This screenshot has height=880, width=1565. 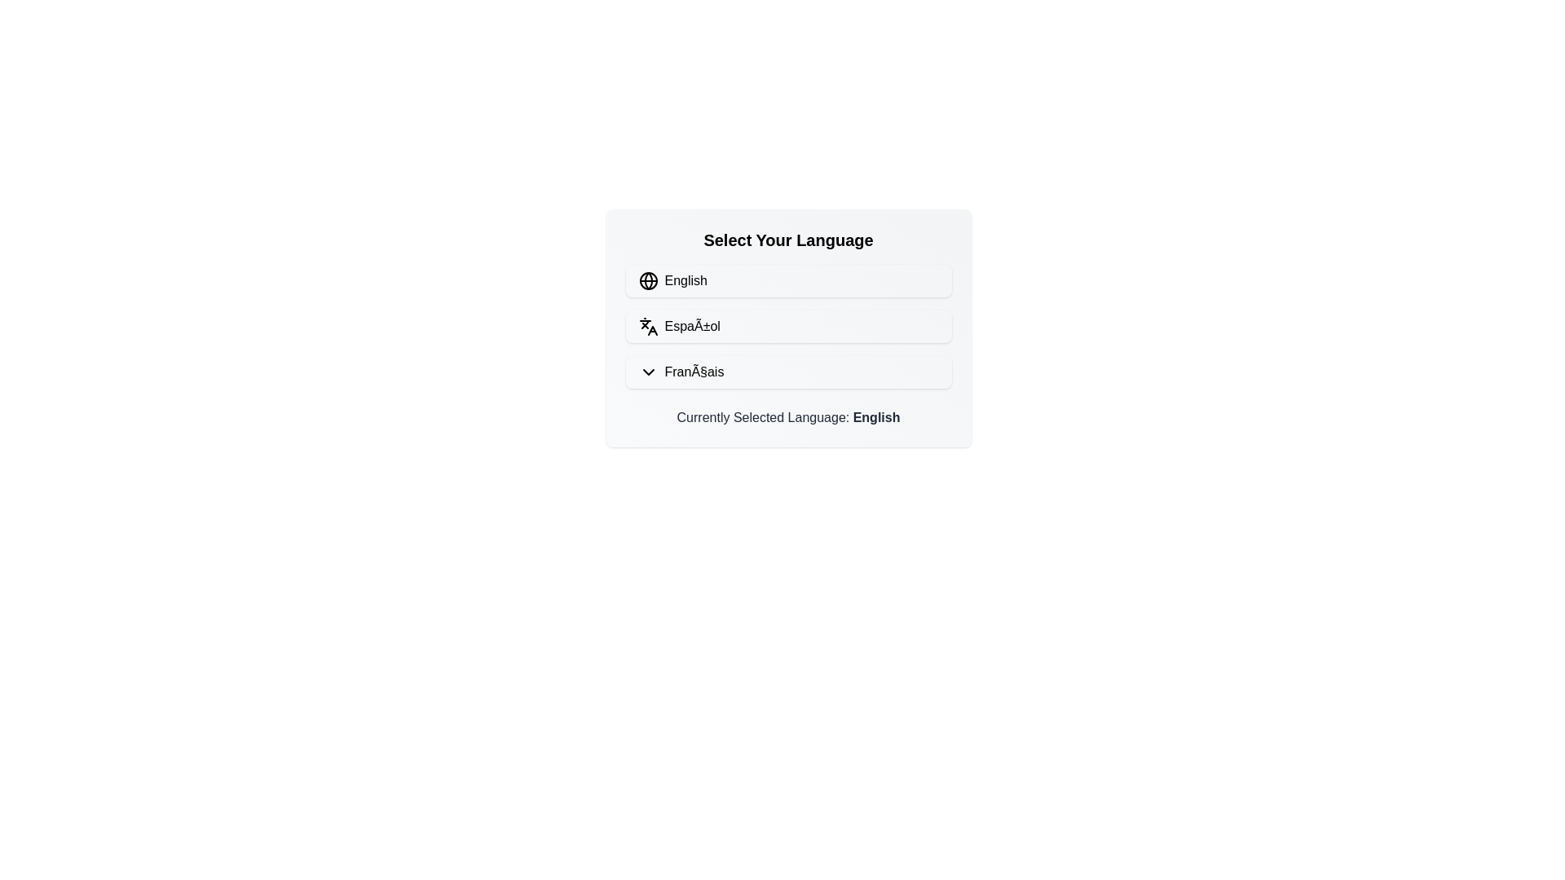 I want to click on text label displaying 'English' located to the right of the globe icon in the 'Select Your Language' section, so click(x=686, y=279).